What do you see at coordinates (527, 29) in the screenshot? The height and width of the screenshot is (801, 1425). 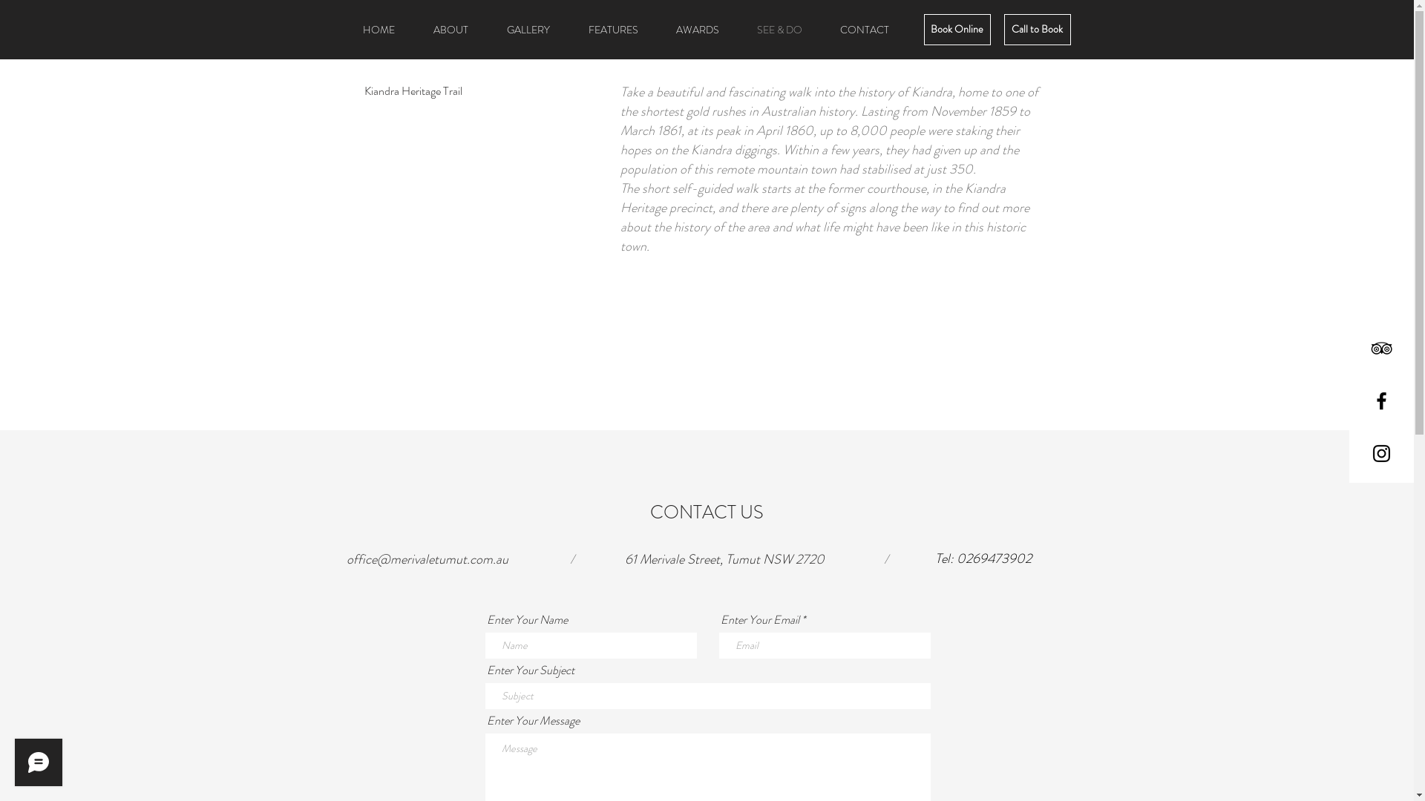 I see `'GALLERY'` at bounding box center [527, 29].